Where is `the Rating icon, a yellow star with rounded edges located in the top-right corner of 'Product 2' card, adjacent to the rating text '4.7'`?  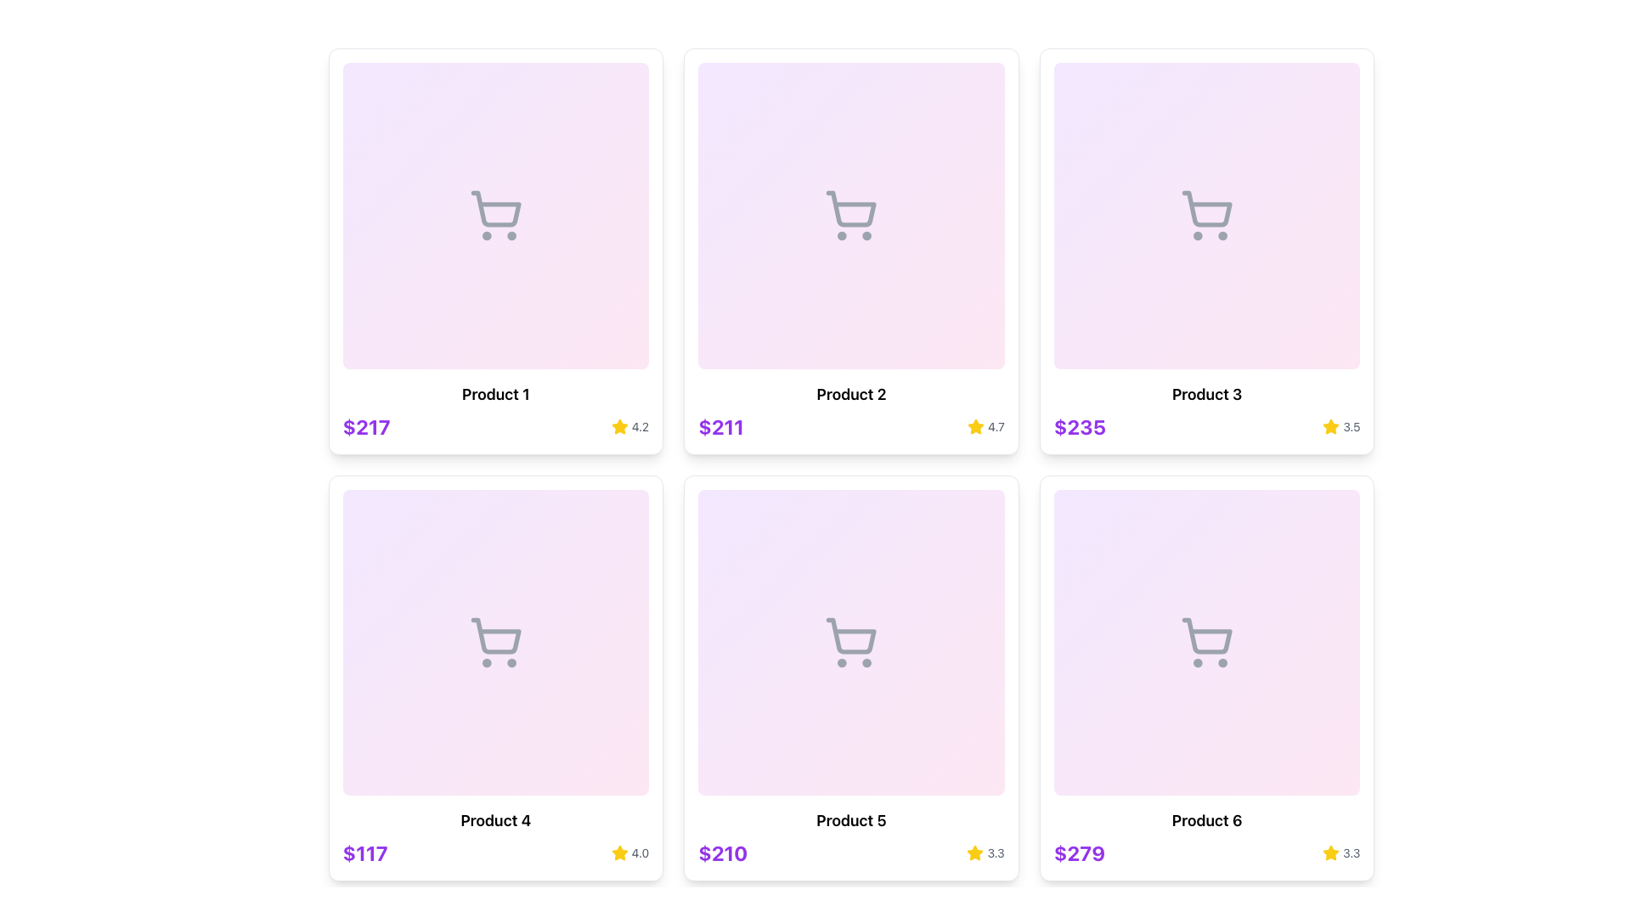
the Rating icon, a yellow star with rounded edges located in the top-right corner of 'Product 2' card, adjacent to the rating text '4.7' is located at coordinates (618, 425).